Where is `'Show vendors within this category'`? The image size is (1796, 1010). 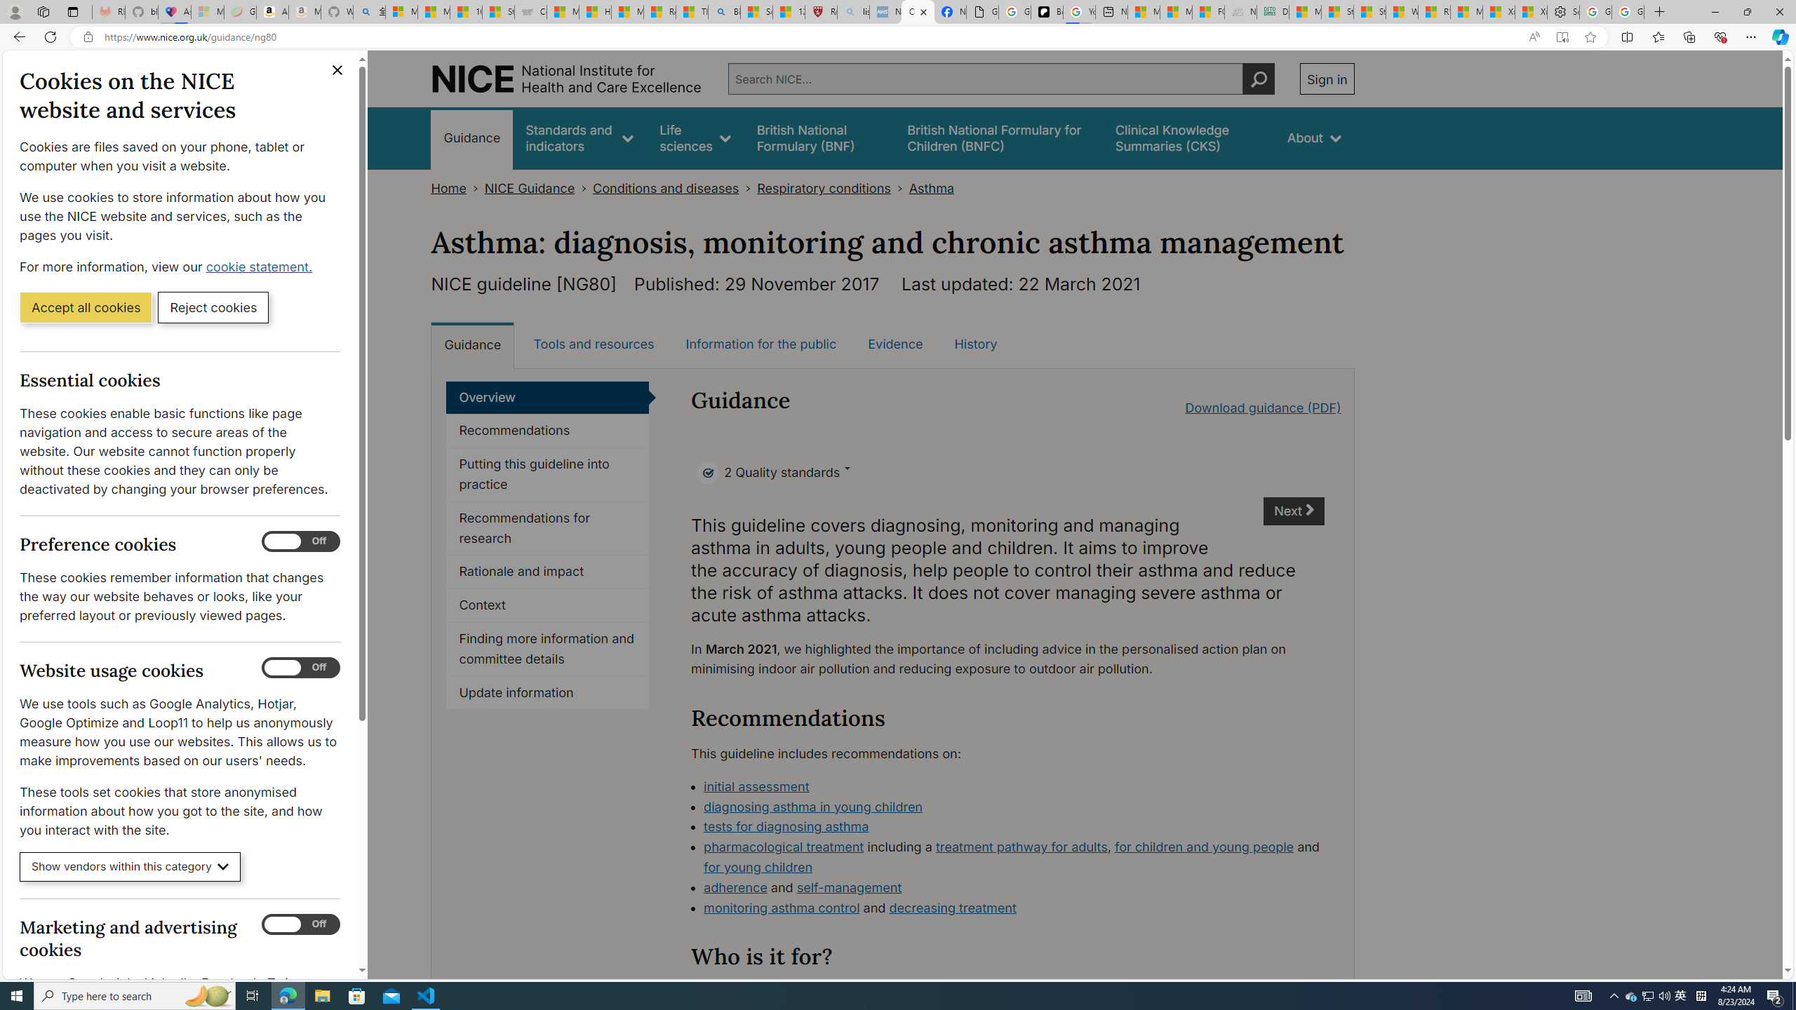
'Show vendors within this category' is located at coordinates (129, 867).